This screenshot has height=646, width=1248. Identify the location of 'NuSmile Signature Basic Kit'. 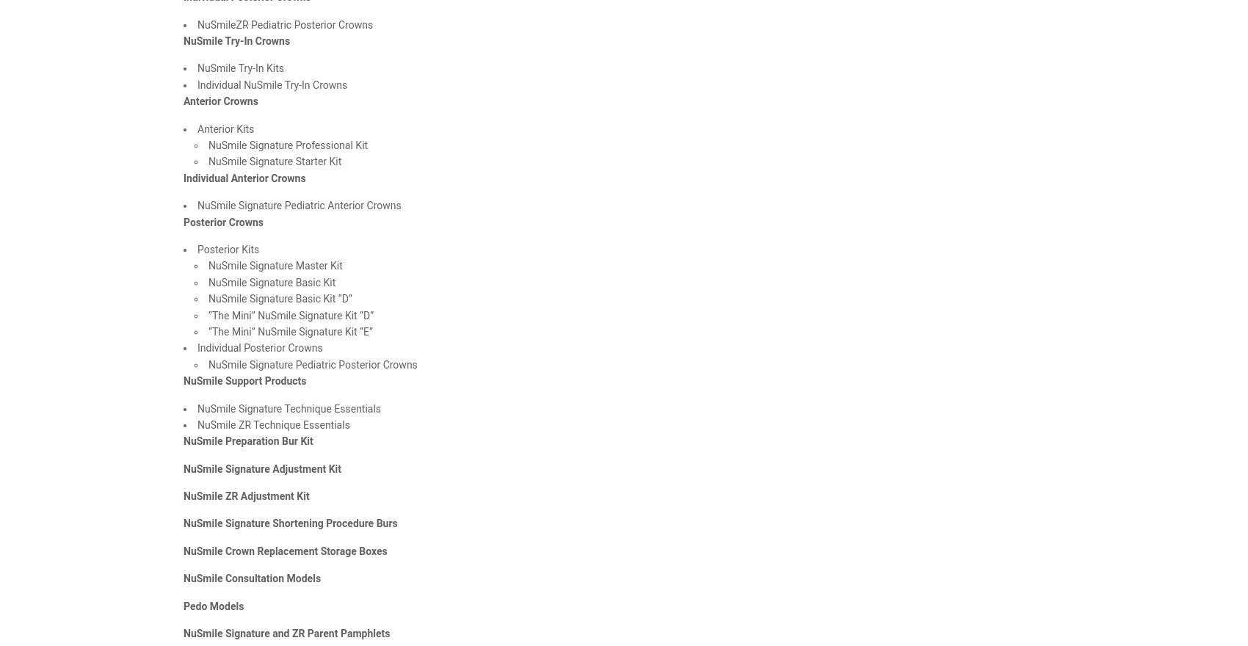
(271, 281).